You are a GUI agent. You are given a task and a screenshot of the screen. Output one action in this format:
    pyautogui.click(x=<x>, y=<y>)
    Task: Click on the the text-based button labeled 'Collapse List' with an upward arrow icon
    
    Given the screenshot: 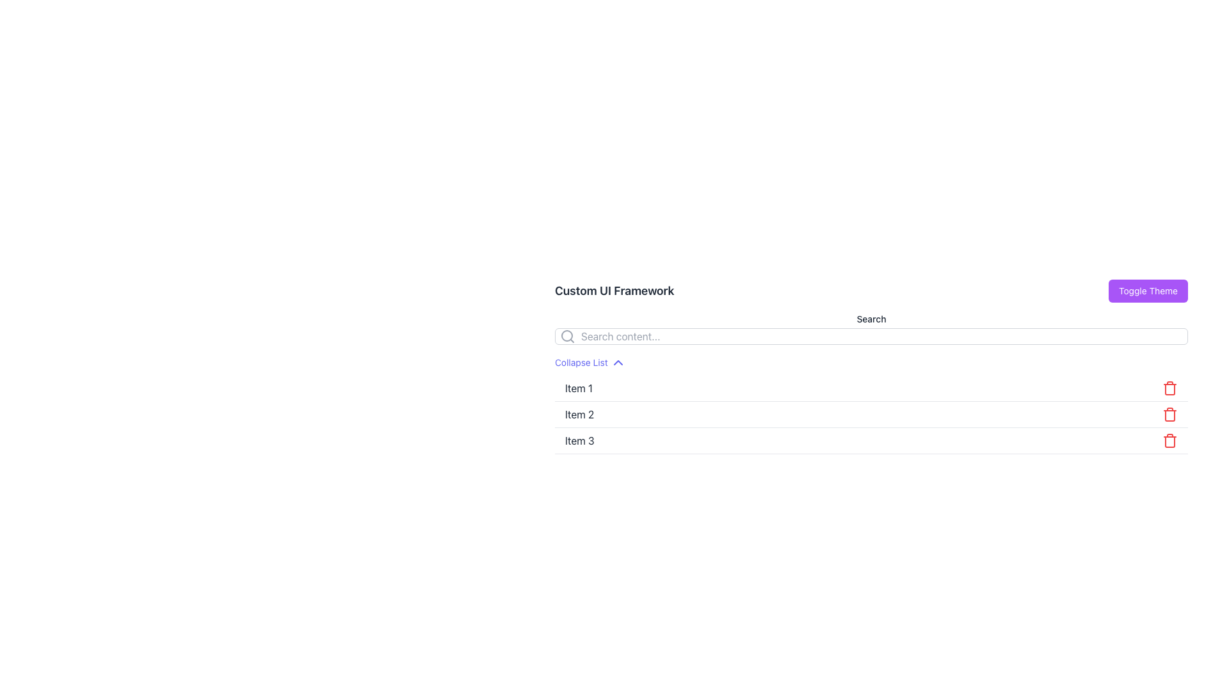 What is the action you would take?
    pyautogui.click(x=590, y=363)
    